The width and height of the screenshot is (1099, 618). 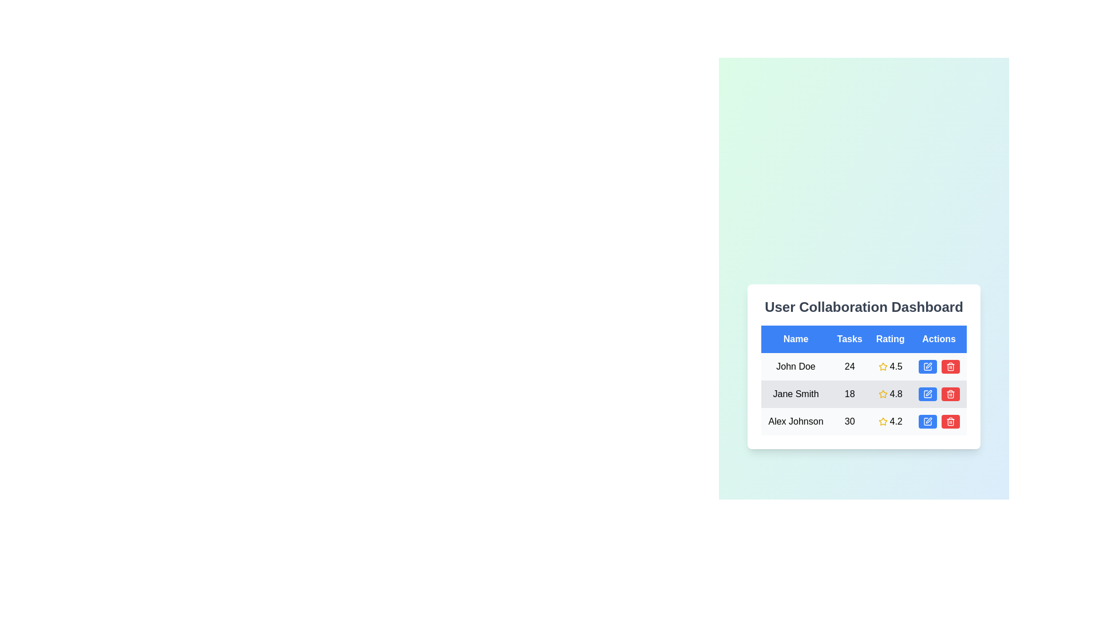 What do you see at coordinates (882, 421) in the screenshot?
I see `the yellow star icon in the rating column of the third row associated with 'Alex Johnson' in the User Collaboration Dashboard` at bounding box center [882, 421].